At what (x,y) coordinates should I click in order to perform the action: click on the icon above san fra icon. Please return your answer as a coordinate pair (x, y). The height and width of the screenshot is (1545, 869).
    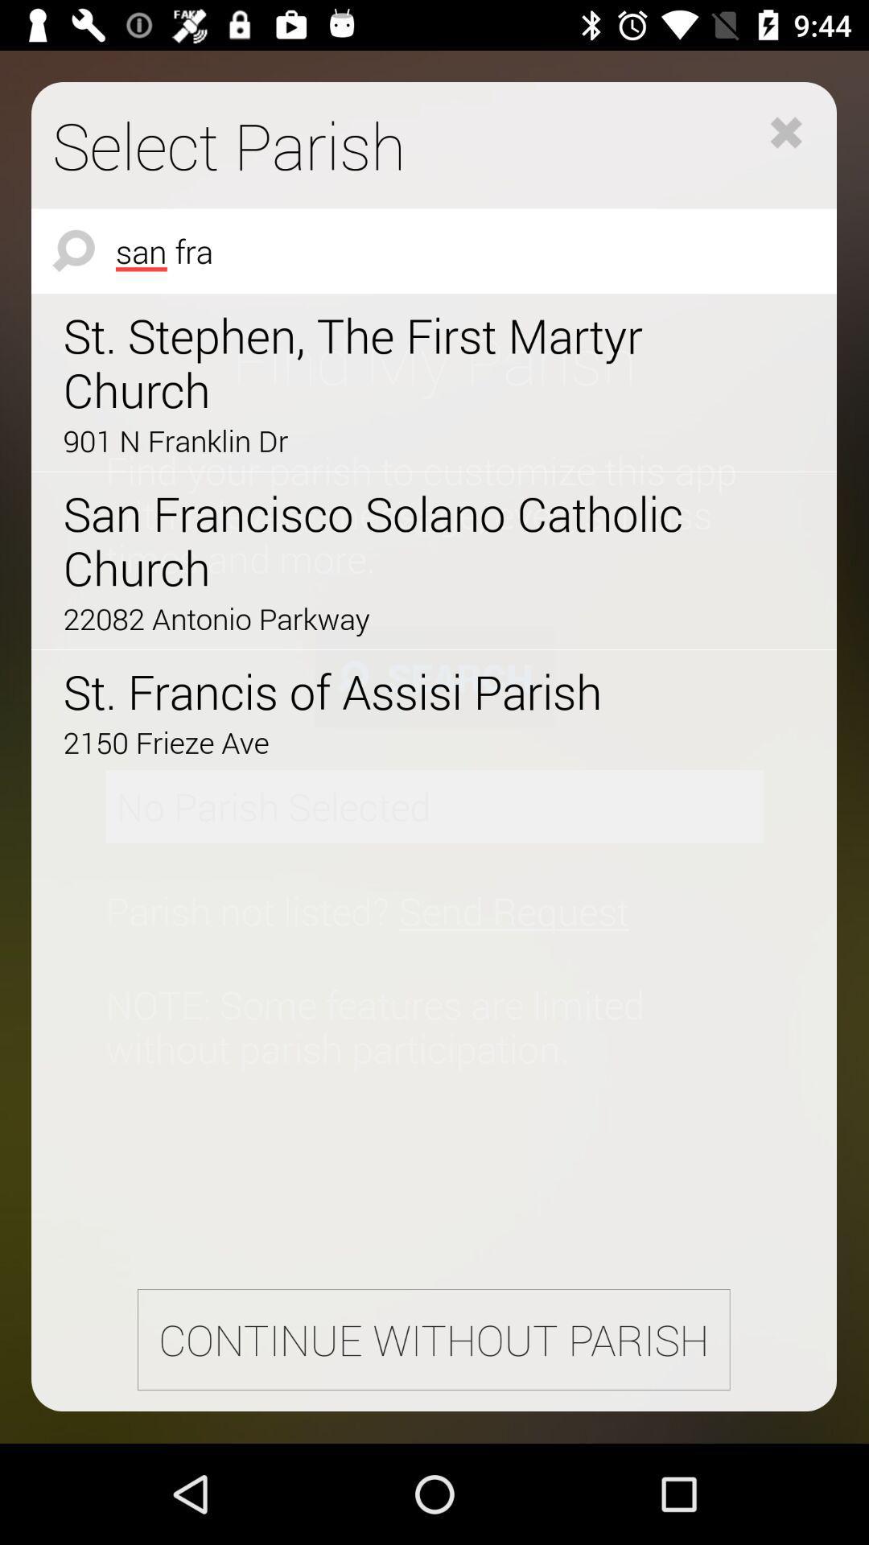
    Looking at the image, I should click on (785, 132).